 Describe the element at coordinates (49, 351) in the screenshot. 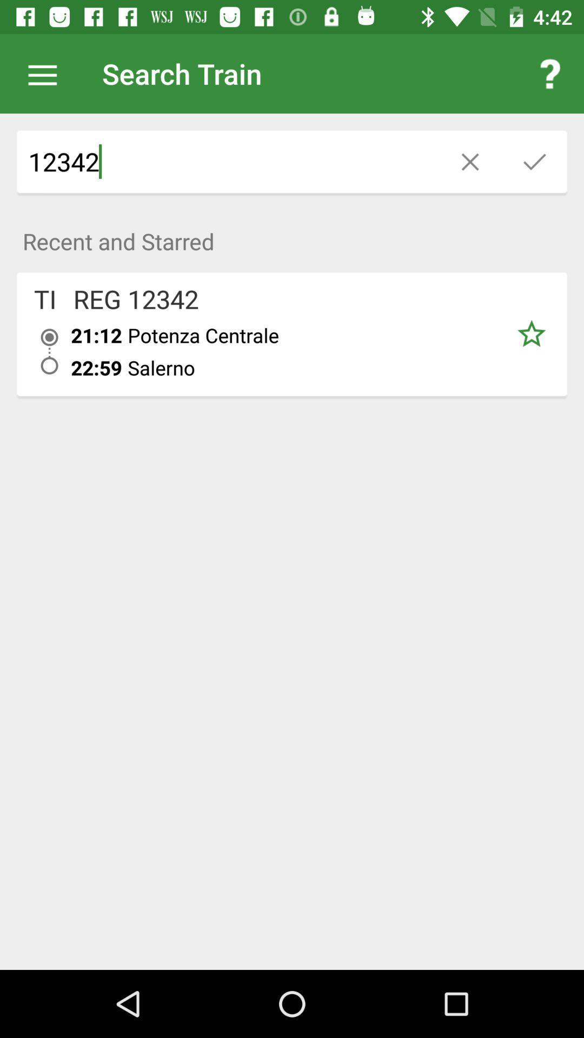

I see `icon below the ti item` at that location.